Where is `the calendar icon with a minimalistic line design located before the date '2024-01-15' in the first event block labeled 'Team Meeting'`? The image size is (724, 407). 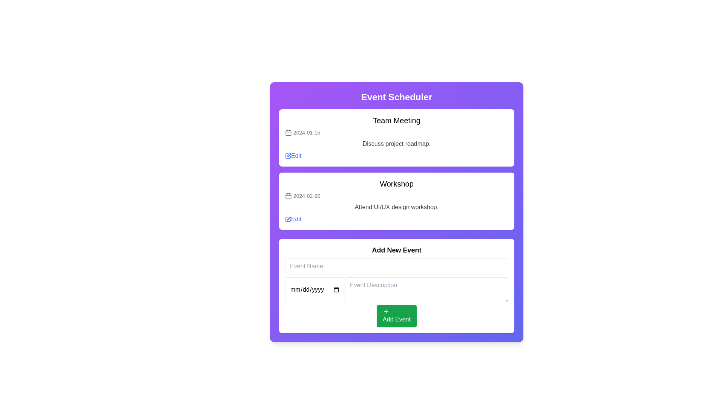
the calendar icon with a minimalistic line design located before the date '2024-01-15' in the first event block labeled 'Team Meeting' is located at coordinates (288, 132).